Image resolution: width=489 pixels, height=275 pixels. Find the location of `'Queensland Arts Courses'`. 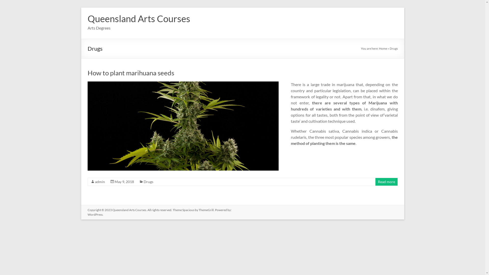

'Queensland Arts Courses' is located at coordinates (139, 18).